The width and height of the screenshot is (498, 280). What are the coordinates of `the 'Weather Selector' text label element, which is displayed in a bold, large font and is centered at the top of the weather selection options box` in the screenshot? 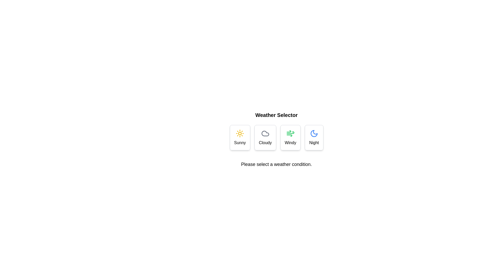 It's located at (276, 115).